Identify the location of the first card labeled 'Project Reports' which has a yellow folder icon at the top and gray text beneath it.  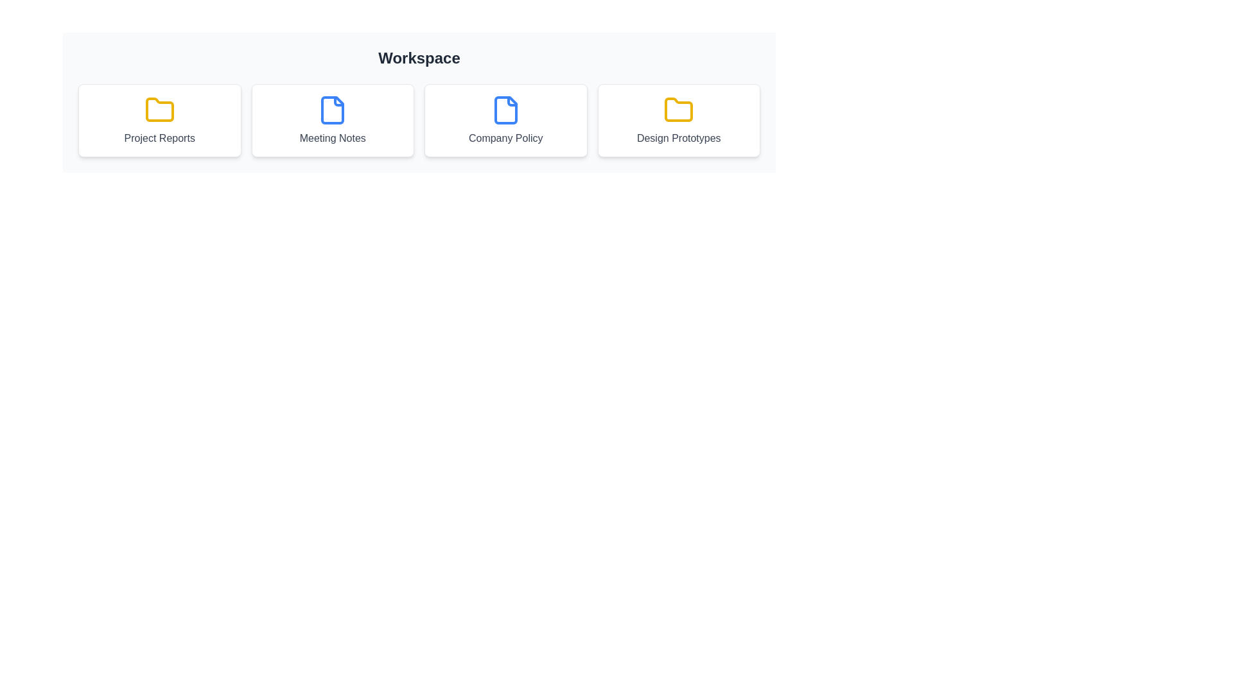
(159, 121).